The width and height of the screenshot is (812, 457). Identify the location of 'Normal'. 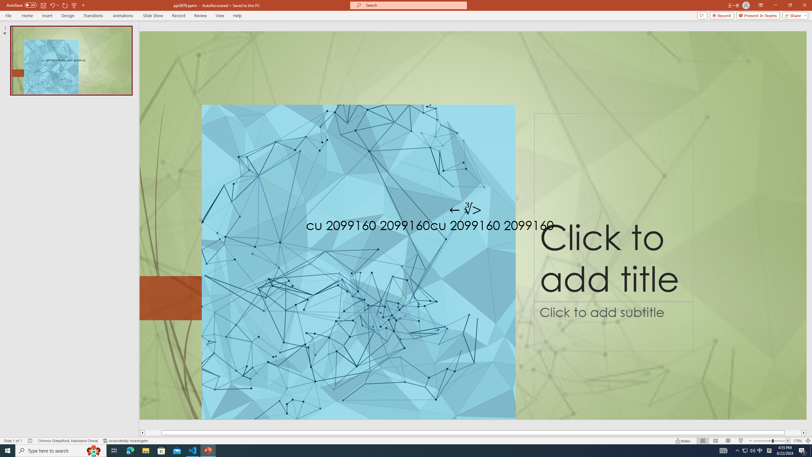
(702, 441).